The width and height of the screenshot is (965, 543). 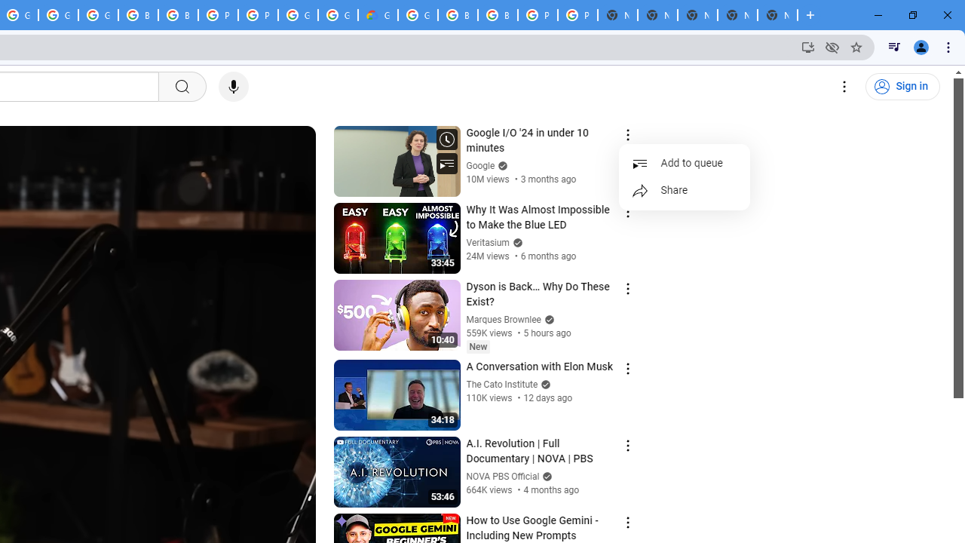 I want to click on 'Install YouTube', so click(x=807, y=46).